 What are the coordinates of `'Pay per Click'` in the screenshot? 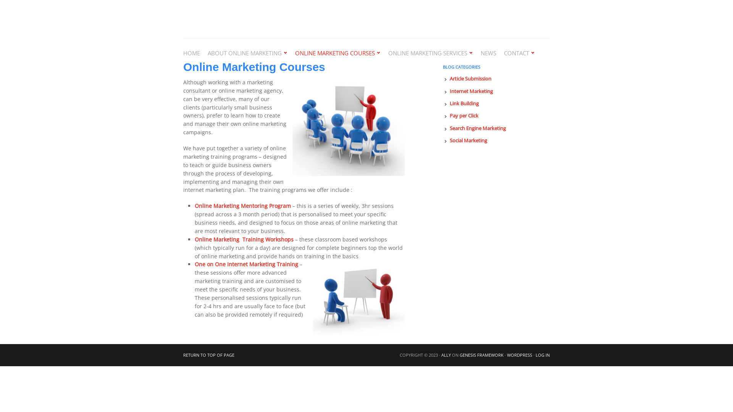 It's located at (463, 116).